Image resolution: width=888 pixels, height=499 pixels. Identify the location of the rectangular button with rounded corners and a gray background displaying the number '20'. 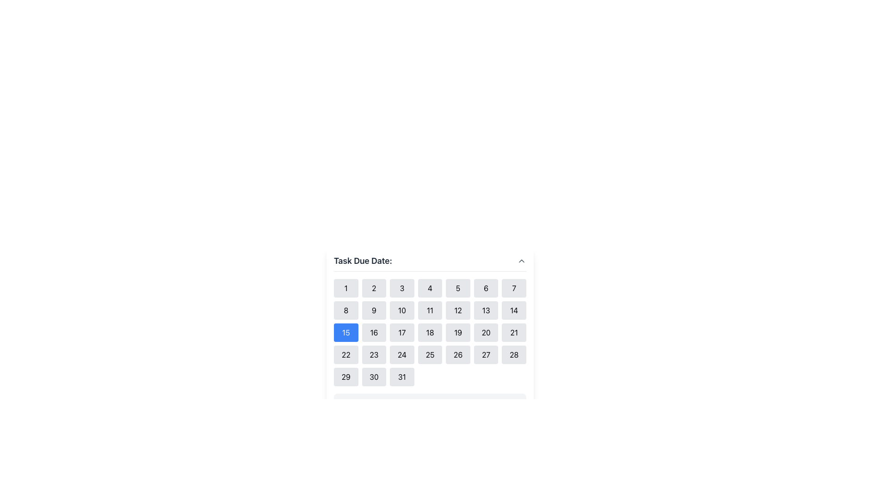
(486, 333).